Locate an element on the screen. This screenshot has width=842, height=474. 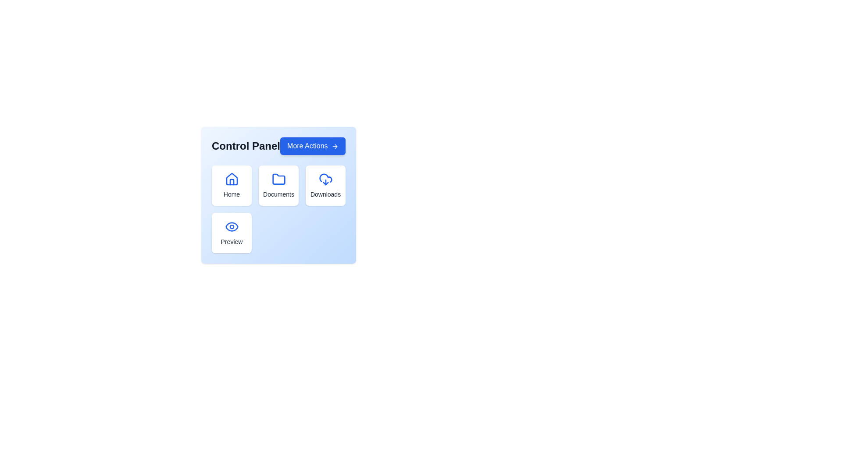
the rightward-pointing arrow icon styled in a minimalistic design, located at the far right end of the 'More Actions' button is located at coordinates (334, 145).